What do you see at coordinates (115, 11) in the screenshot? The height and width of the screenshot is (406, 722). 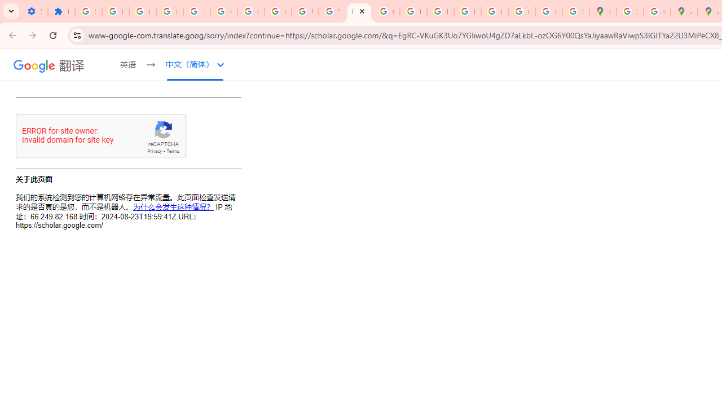 I see `'Delete photos & videos - Computer - Google Photos Help'` at bounding box center [115, 11].